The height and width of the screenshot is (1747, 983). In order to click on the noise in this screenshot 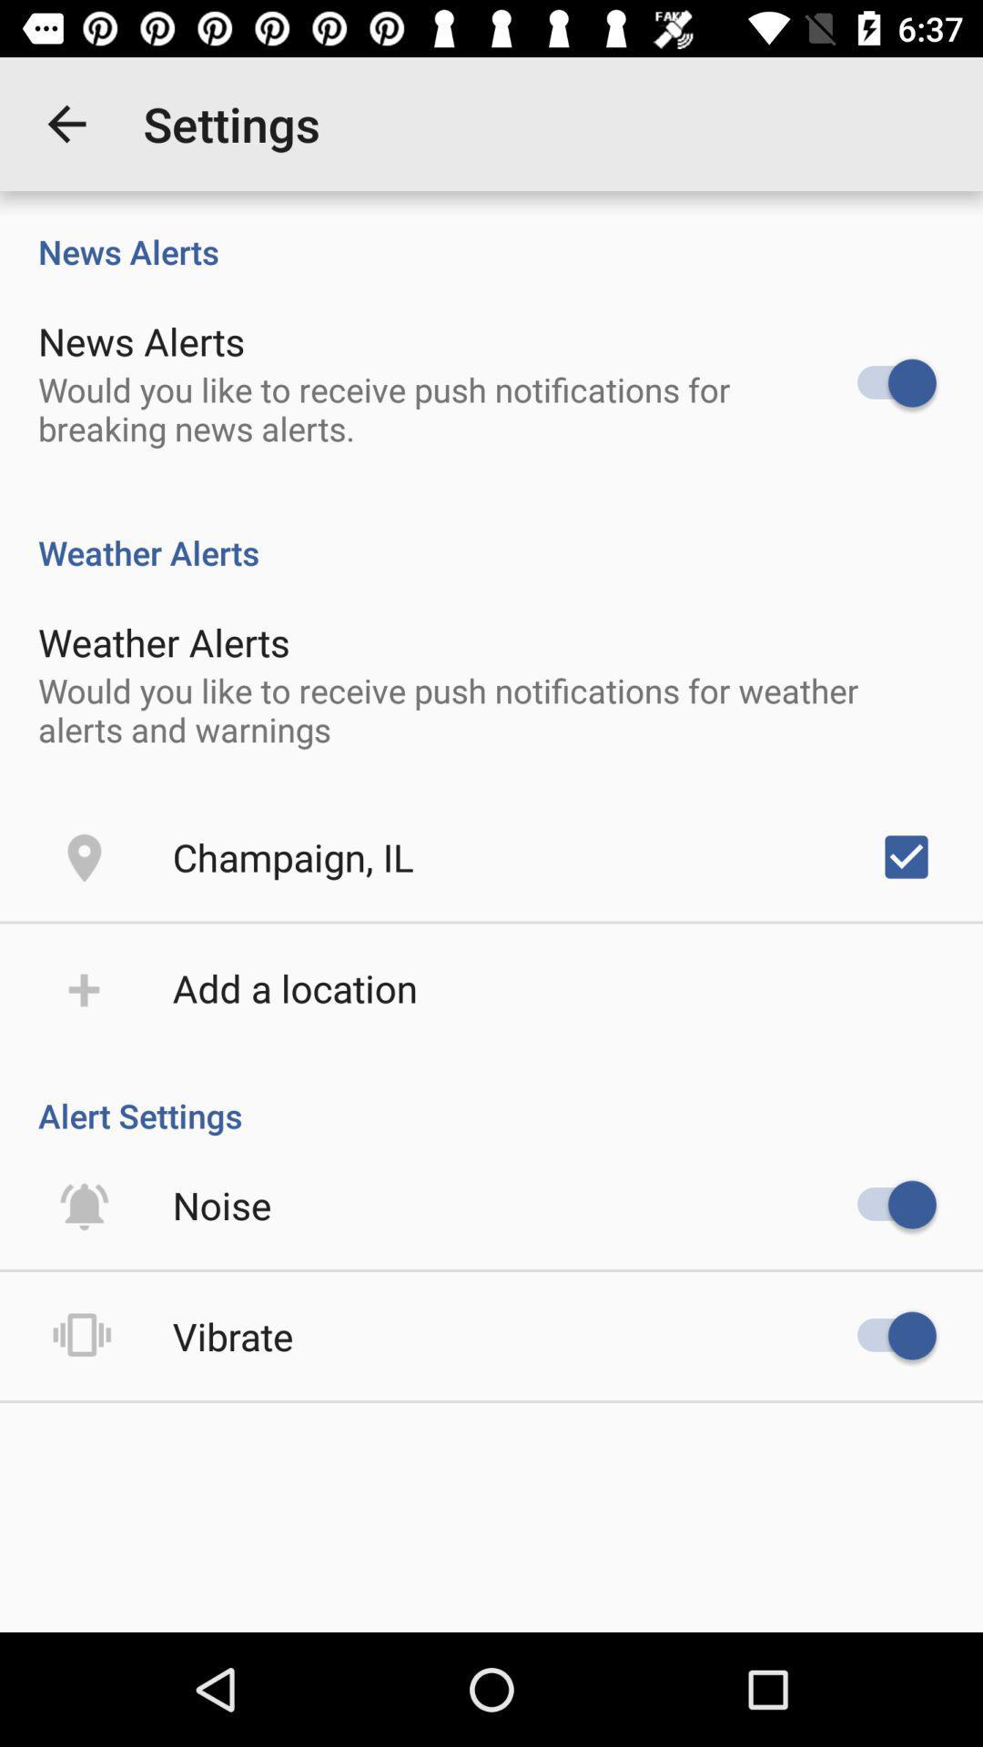, I will do `click(221, 1205)`.